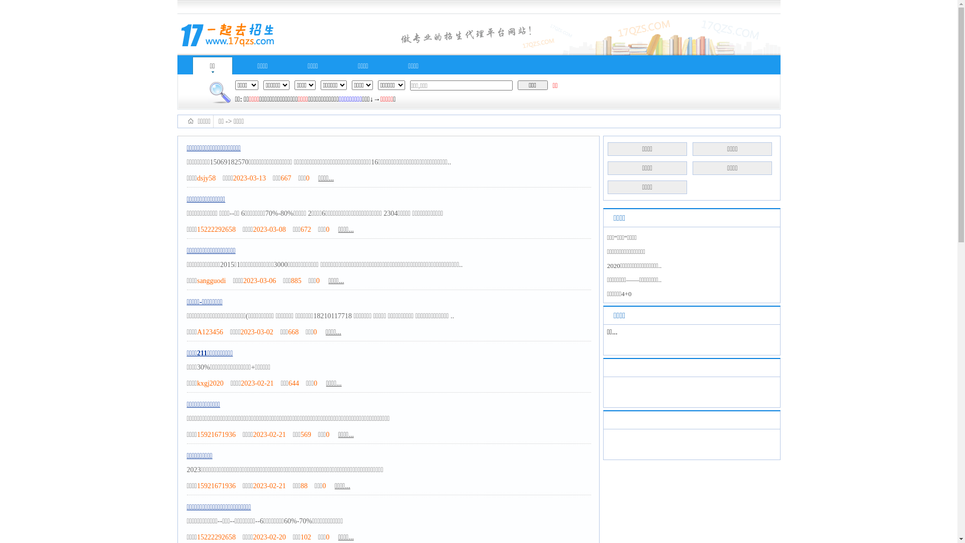  Describe the element at coordinates (305, 434) in the screenshot. I see `'569'` at that location.